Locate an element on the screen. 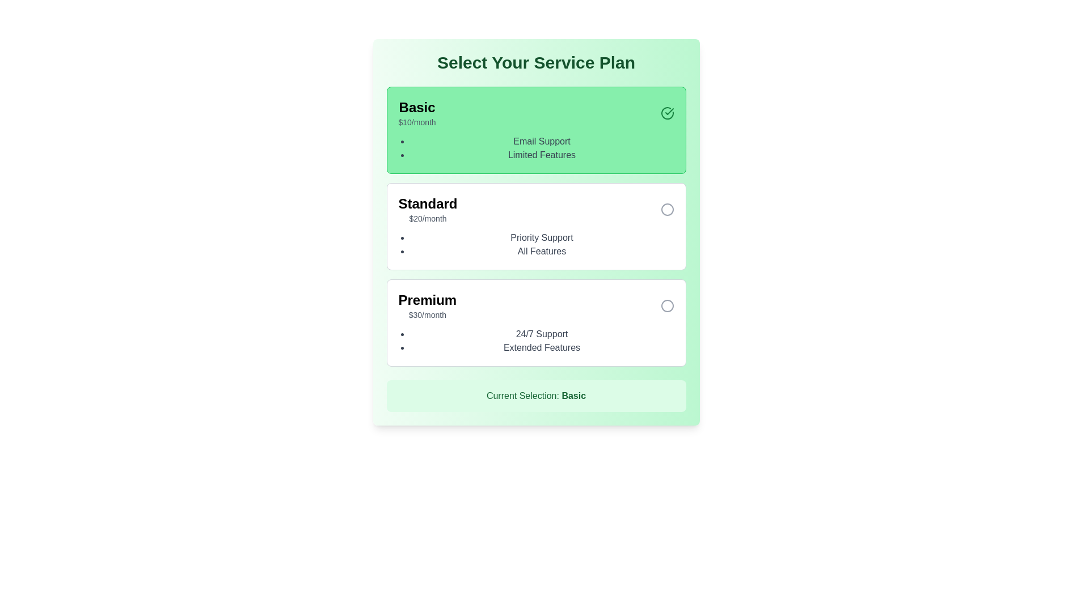 This screenshot has width=1089, height=612. the static text label that displays 'Limited Features', which is the second item in a bulleted list under the 'Basic' service plan section is located at coordinates (541, 155).